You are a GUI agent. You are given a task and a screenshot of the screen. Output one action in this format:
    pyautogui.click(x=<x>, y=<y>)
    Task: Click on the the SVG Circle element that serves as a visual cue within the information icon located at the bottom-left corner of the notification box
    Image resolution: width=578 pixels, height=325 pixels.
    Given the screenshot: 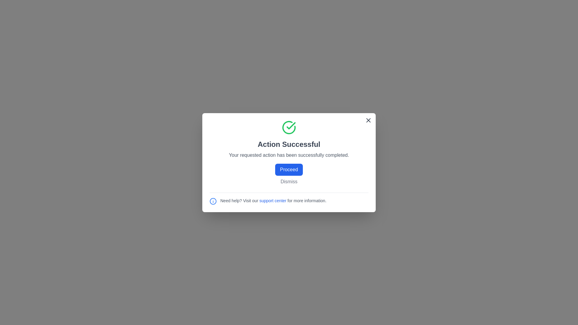 What is the action you would take?
    pyautogui.click(x=213, y=201)
    